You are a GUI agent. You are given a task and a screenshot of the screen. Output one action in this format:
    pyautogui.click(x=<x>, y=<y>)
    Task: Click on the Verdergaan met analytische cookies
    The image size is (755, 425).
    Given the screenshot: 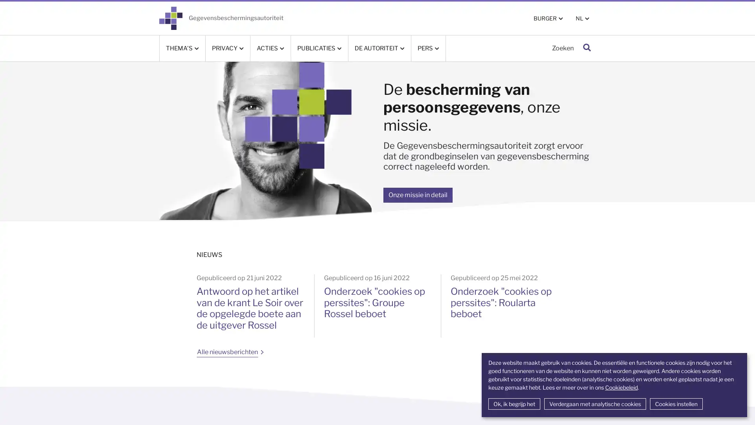 What is the action you would take?
    pyautogui.click(x=595, y=404)
    